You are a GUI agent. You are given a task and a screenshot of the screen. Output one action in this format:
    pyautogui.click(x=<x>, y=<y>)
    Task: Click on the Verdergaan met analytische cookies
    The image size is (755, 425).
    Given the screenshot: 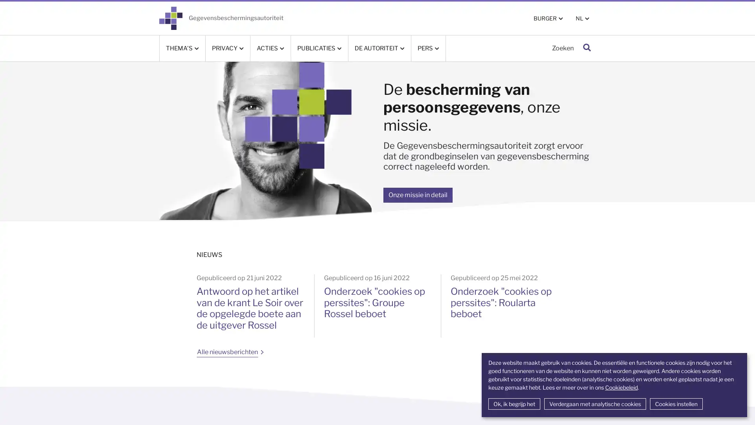 What is the action you would take?
    pyautogui.click(x=595, y=404)
    